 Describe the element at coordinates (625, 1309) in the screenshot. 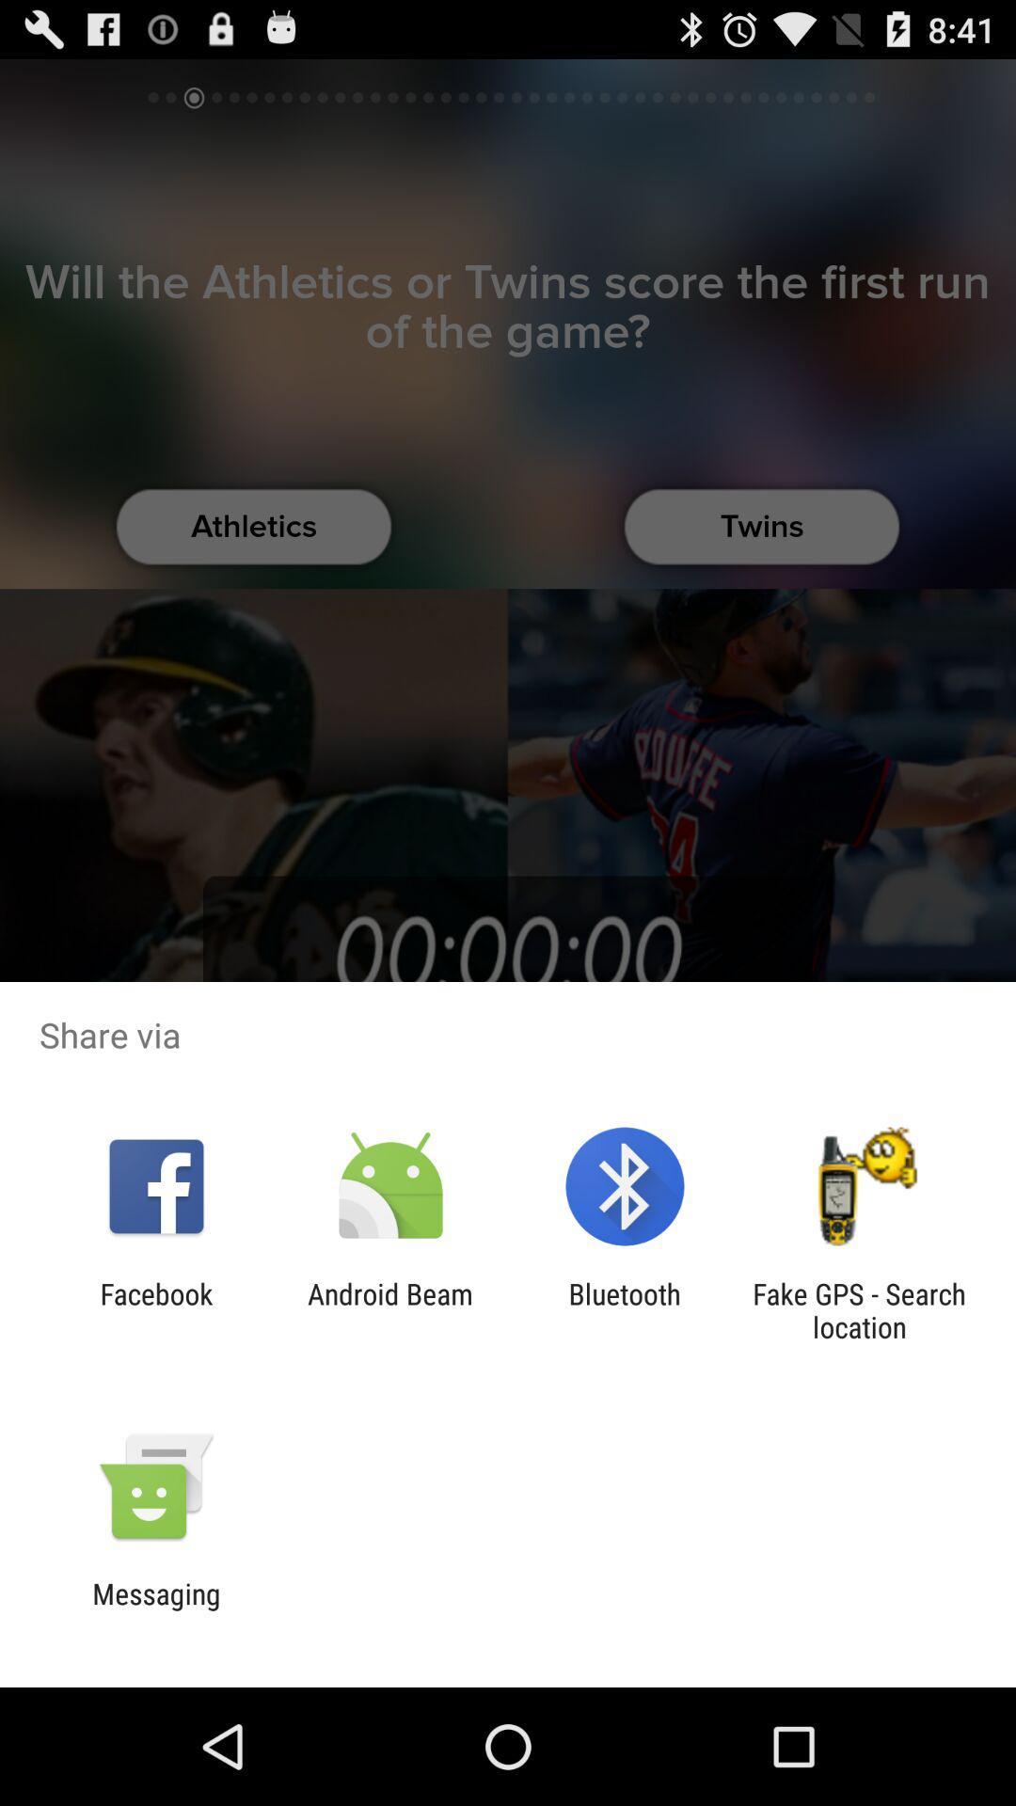

I see `the bluetooth icon` at that location.